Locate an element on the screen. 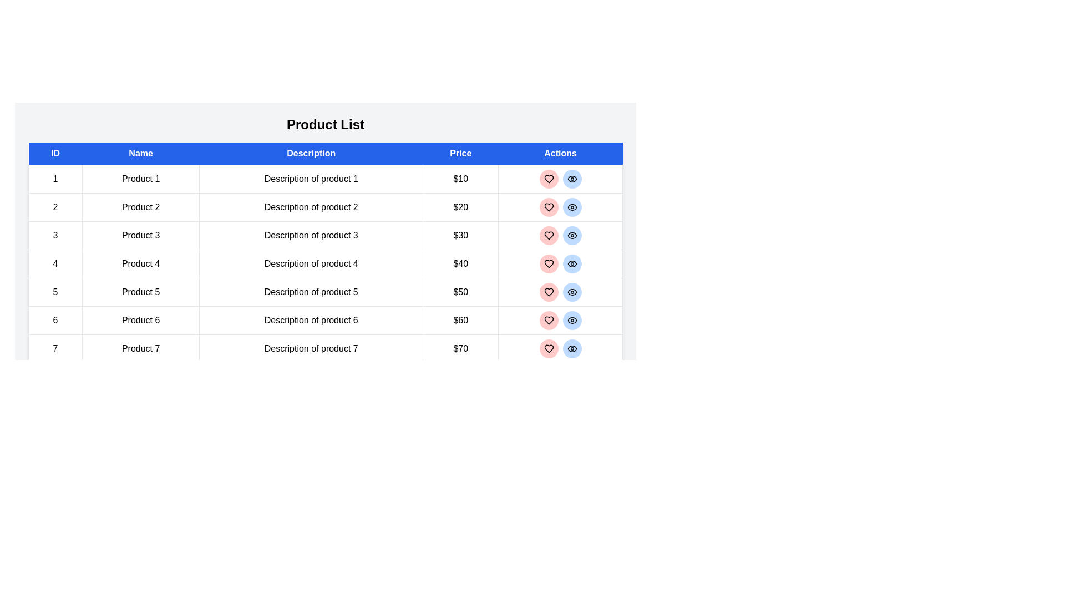 The height and width of the screenshot is (599, 1065). the product name Product 1 in the table is located at coordinates (140, 179).